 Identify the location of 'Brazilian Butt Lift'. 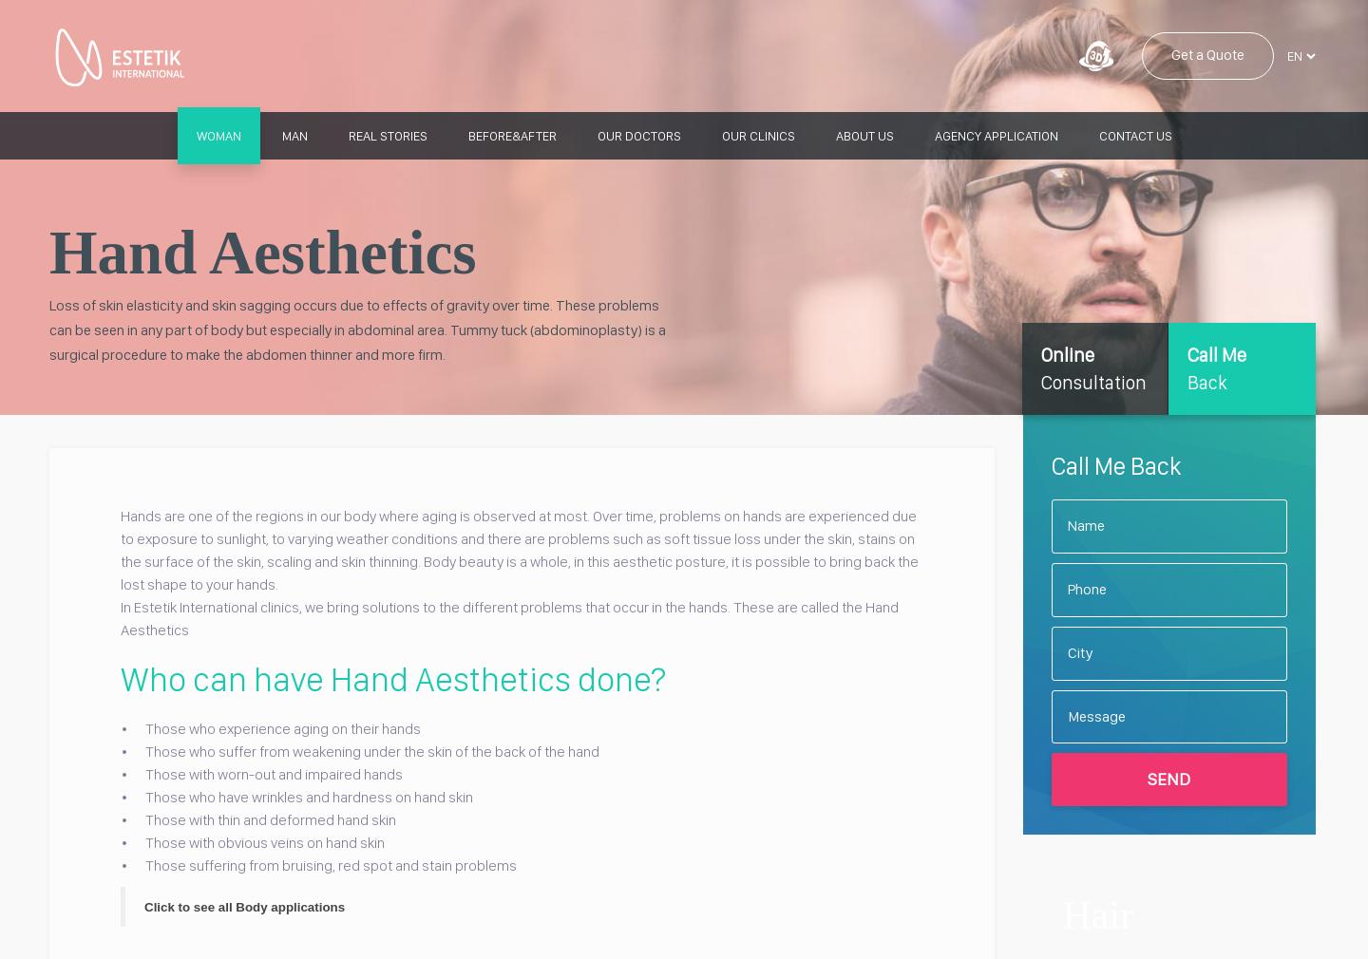
(620, 238).